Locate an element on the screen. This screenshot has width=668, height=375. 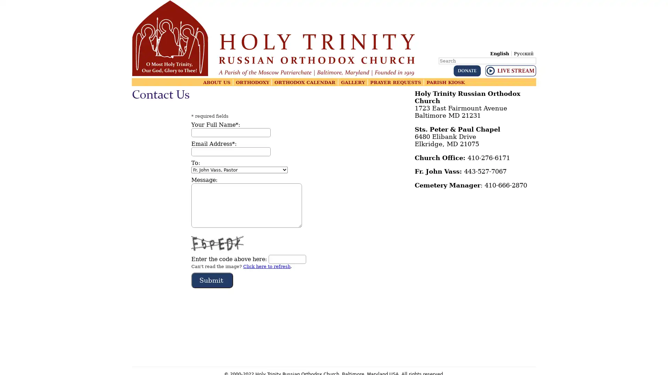
PayPal - The safer, easier way to pay online! is located at coordinates (467, 71).